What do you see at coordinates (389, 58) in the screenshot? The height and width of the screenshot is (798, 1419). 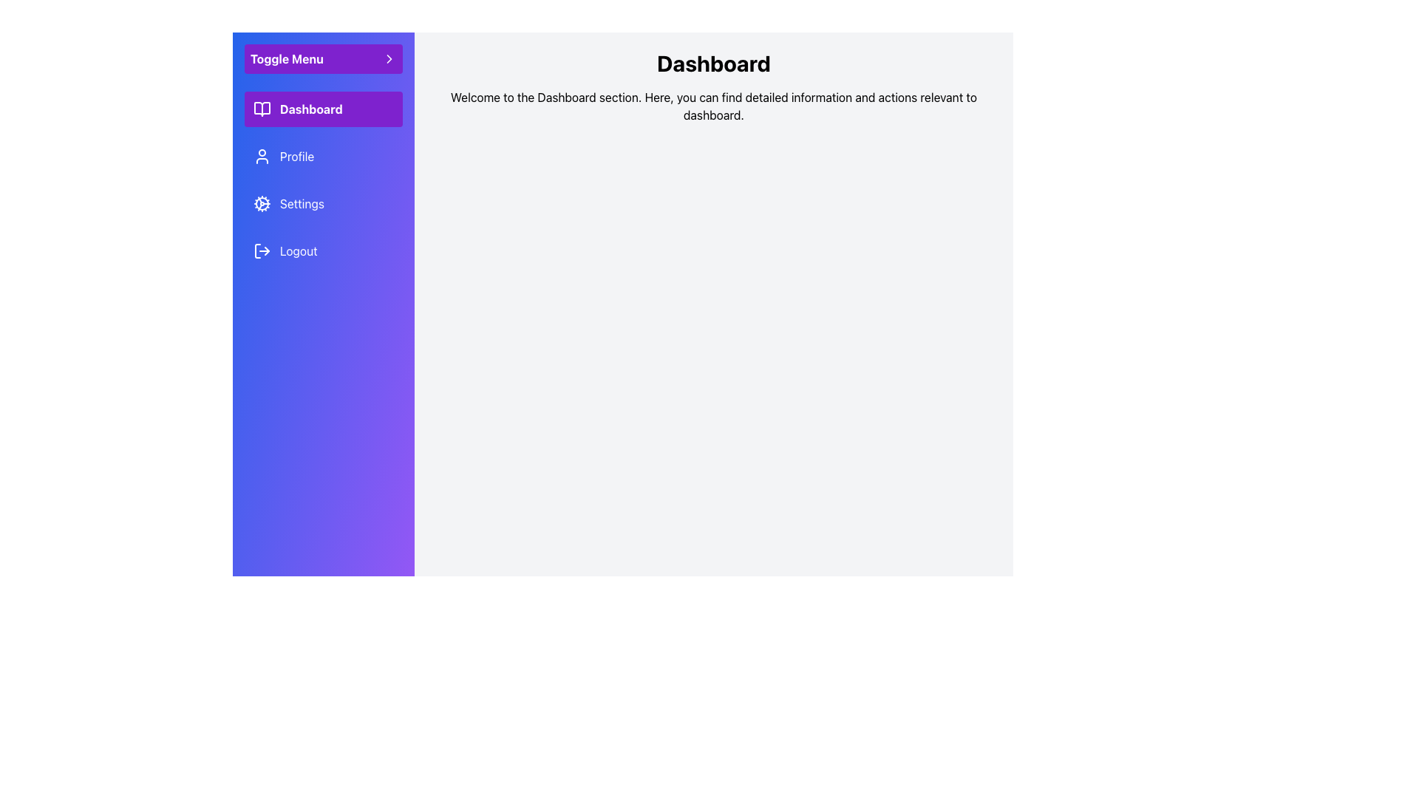 I see `the small triangular right-pointing chevron icon located in the sidebar, which serves as a directional indicator for the 'Toggle Menu' area` at bounding box center [389, 58].